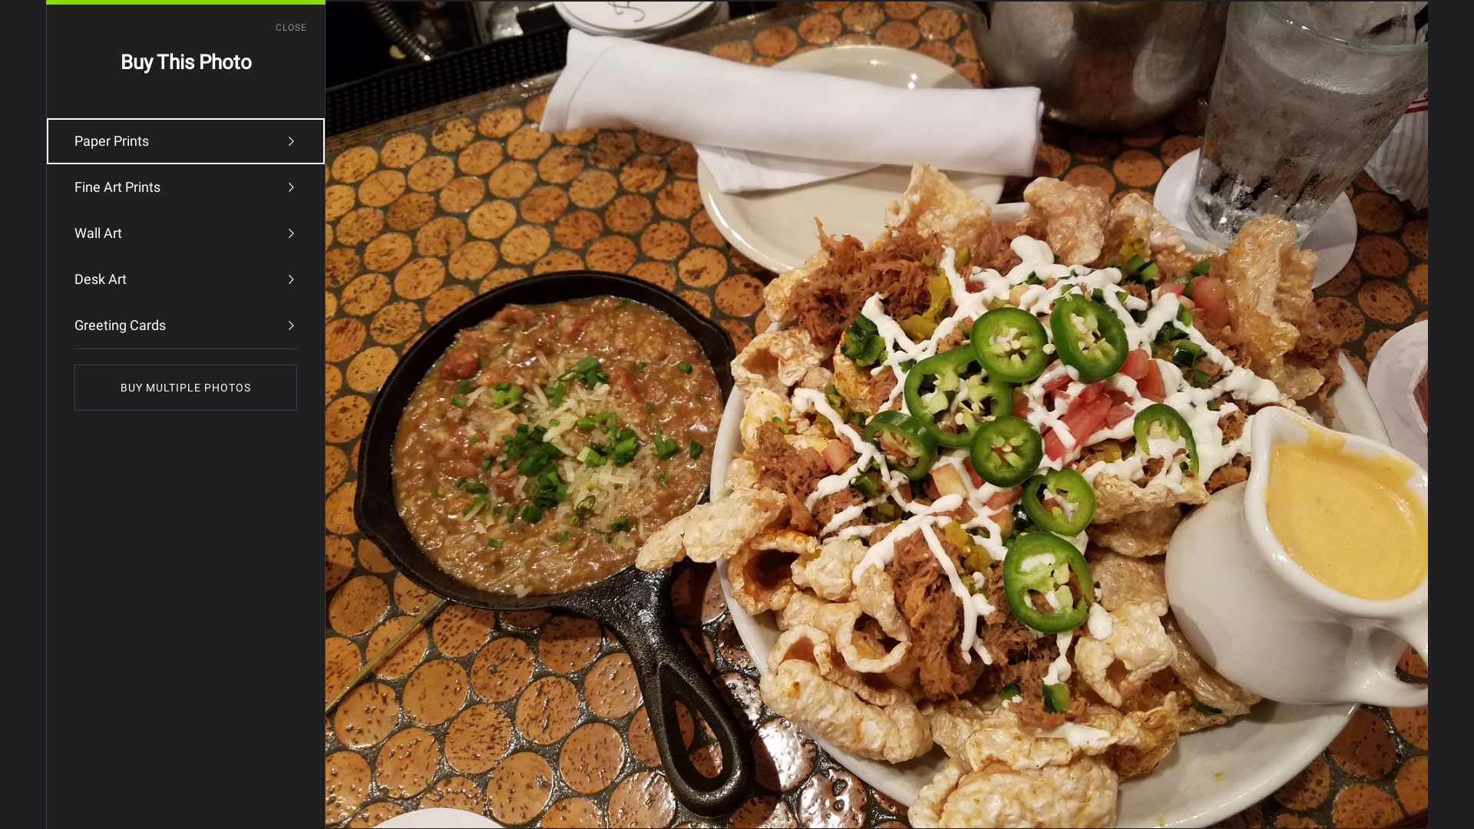 This screenshot has height=829, width=1474. What do you see at coordinates (59, 23) in the screenshot?
I see `'SmugMug'` at bounding box center [59, 23].